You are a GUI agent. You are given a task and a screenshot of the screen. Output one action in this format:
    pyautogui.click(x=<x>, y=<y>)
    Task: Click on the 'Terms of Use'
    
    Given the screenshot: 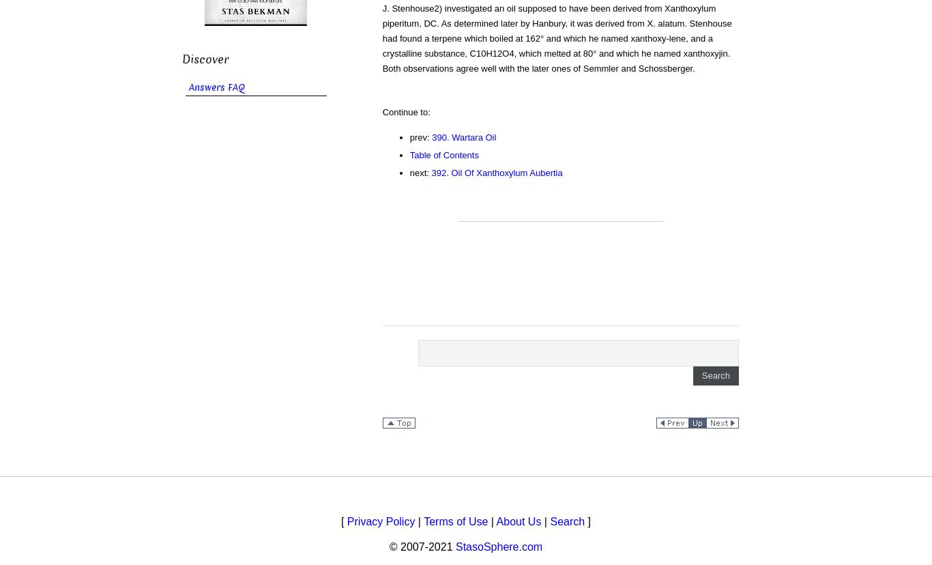 What is the action you would take?
    pyautogui.click(x=454, y=521)
    